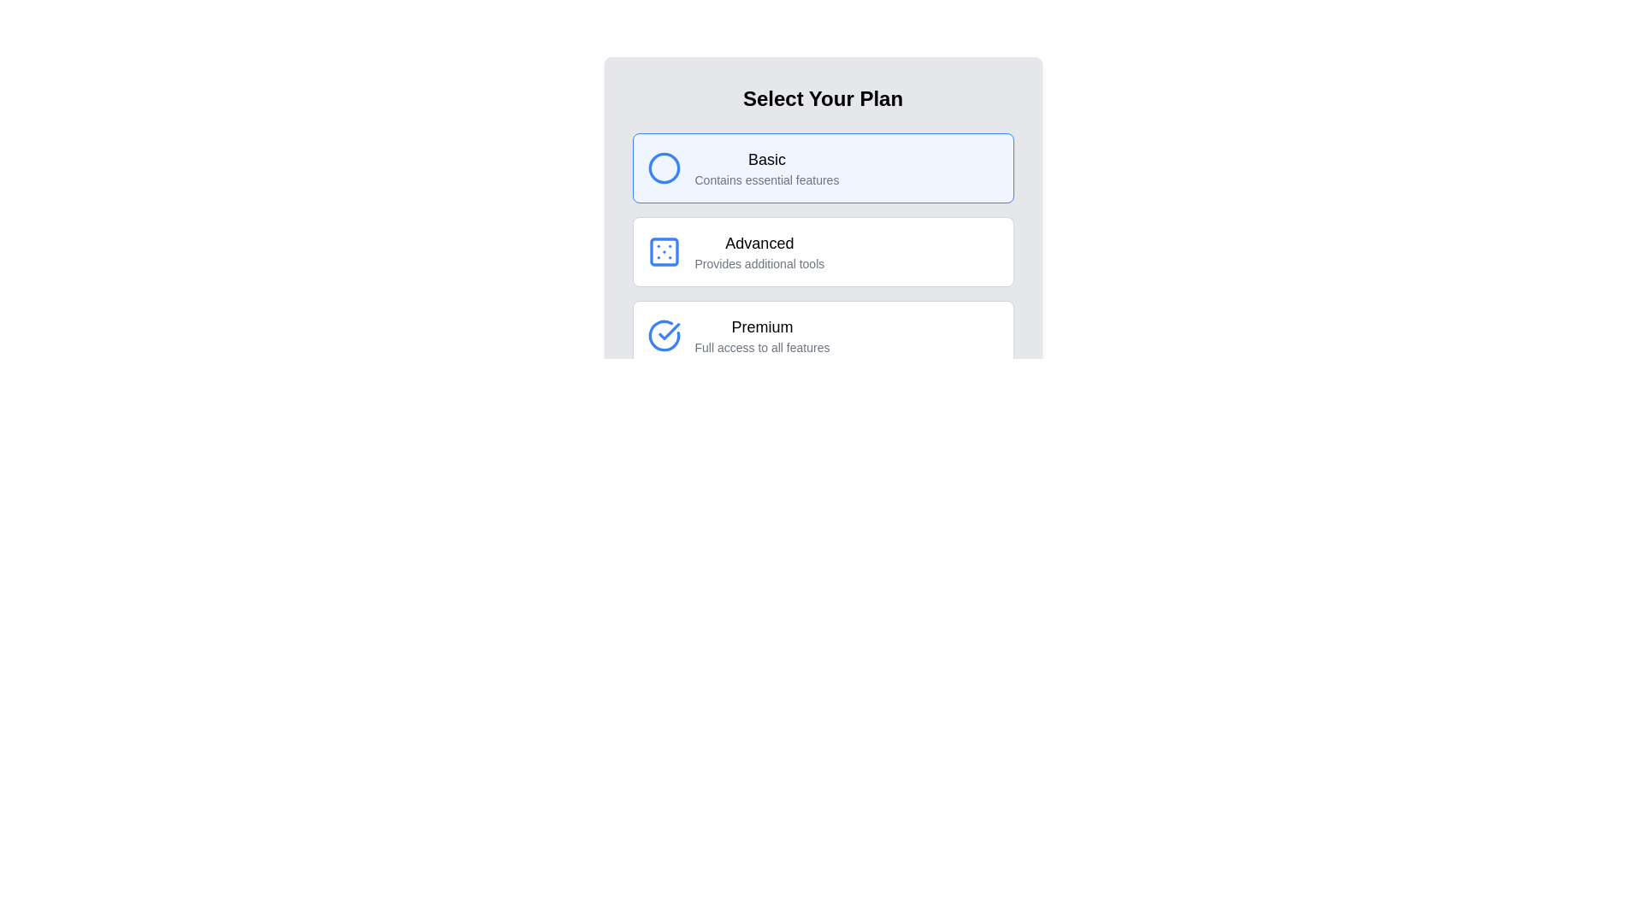 The image size is (1642, 923). What do you see at coordinates (668, 332) in the screenshot?
I see `the blue checkmark icon indicating selection for the 'Premium' plan option, which is visually positioned within a circular badge at the bottom of the interface` at bounding box center [668, 332].